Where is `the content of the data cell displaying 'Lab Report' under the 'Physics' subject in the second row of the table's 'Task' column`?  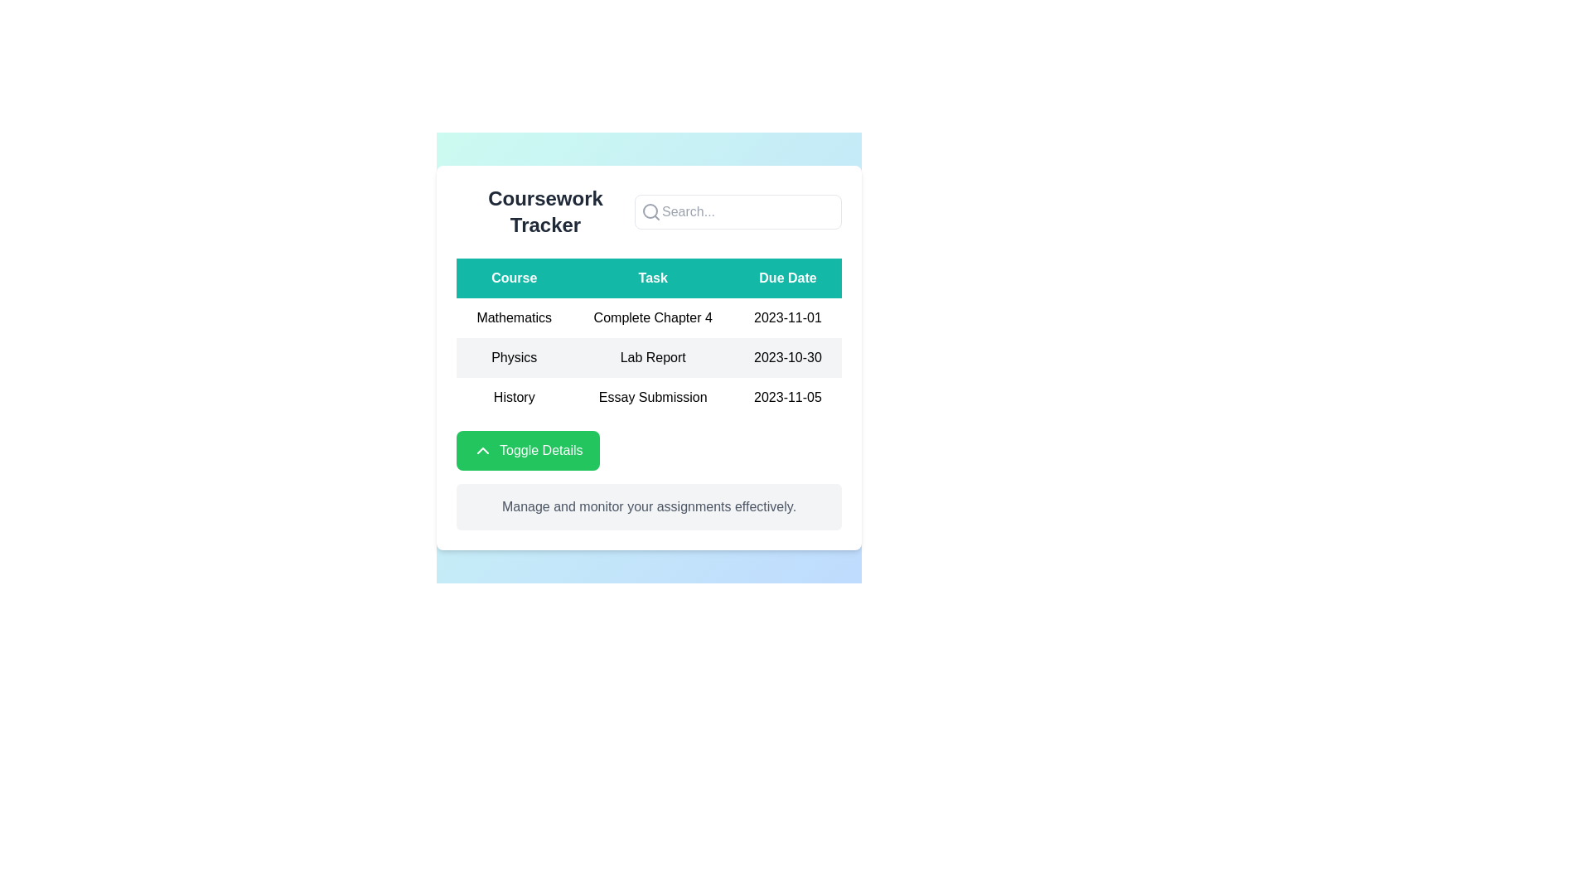 the content of the data cell displaying 'Lab Report' under the 'Physics' subject in the second row of the table's 'Task' column is located at coordinates (648, 357).